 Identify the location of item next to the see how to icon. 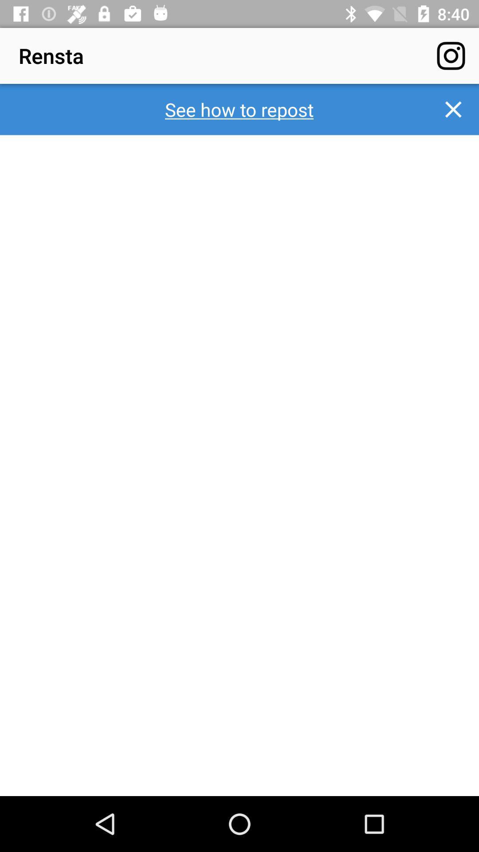
(453, 109).